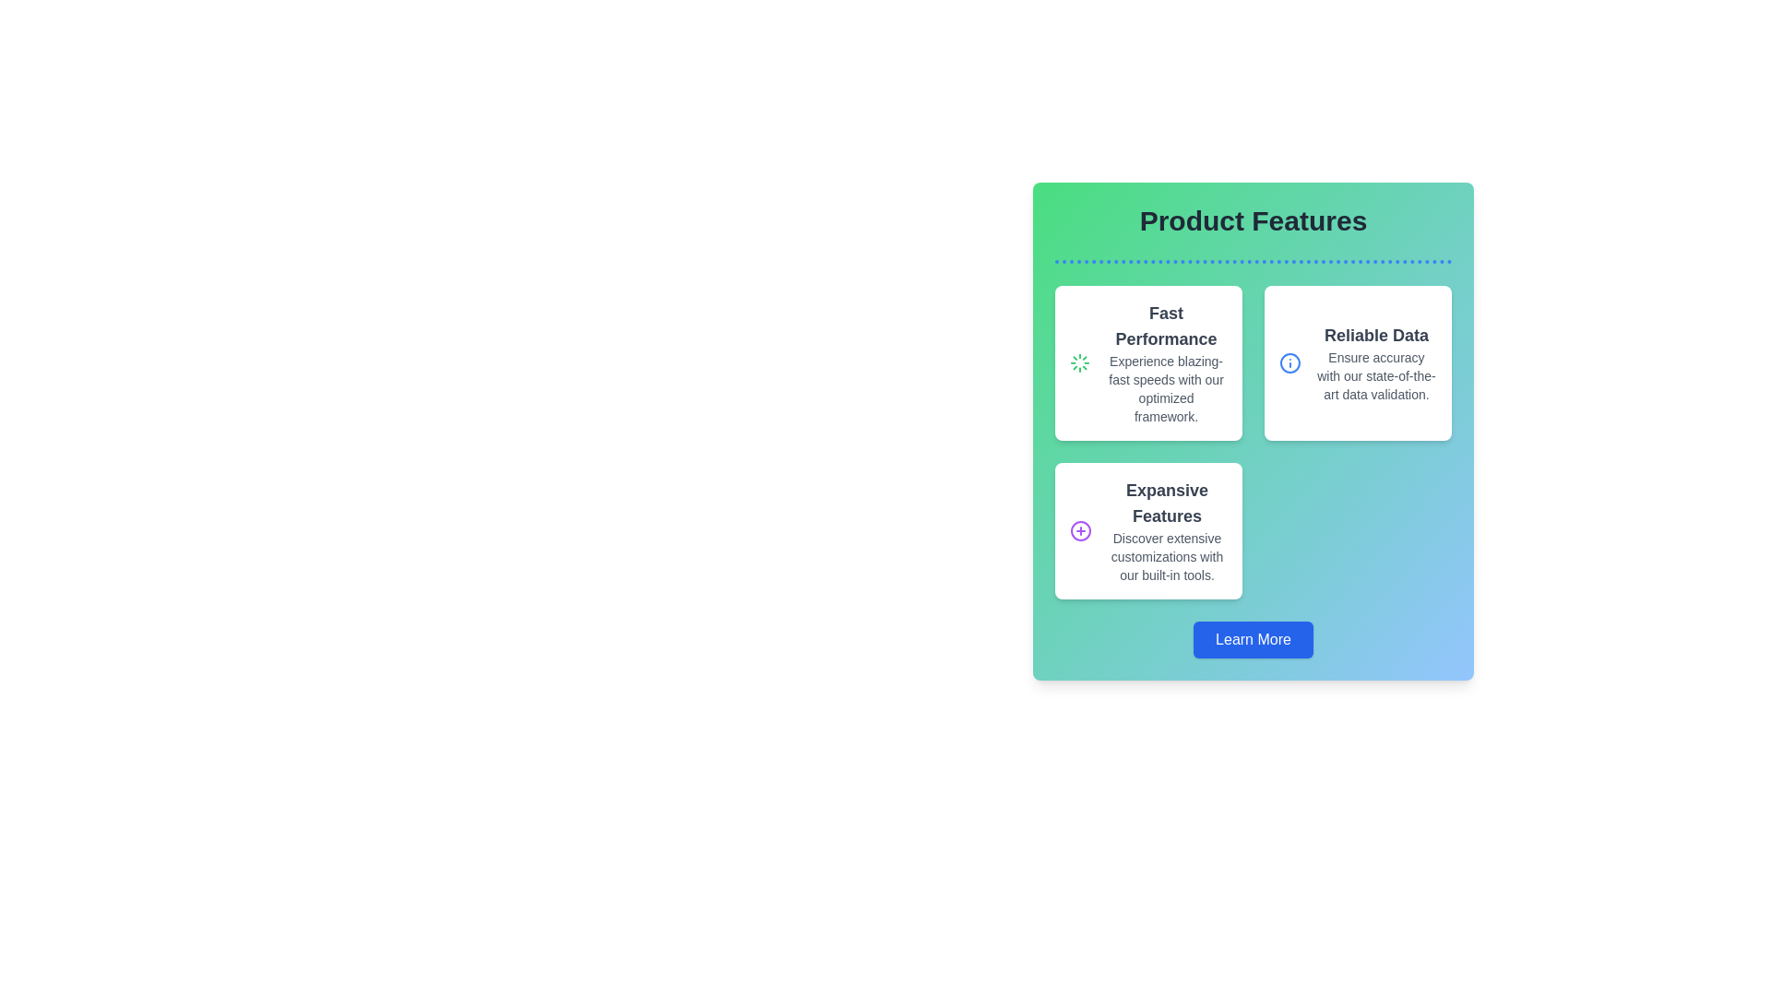  I want to click on the decorative separator line located immediately below the 'Product Features' title and above the grid layout, so click(1253, 262).